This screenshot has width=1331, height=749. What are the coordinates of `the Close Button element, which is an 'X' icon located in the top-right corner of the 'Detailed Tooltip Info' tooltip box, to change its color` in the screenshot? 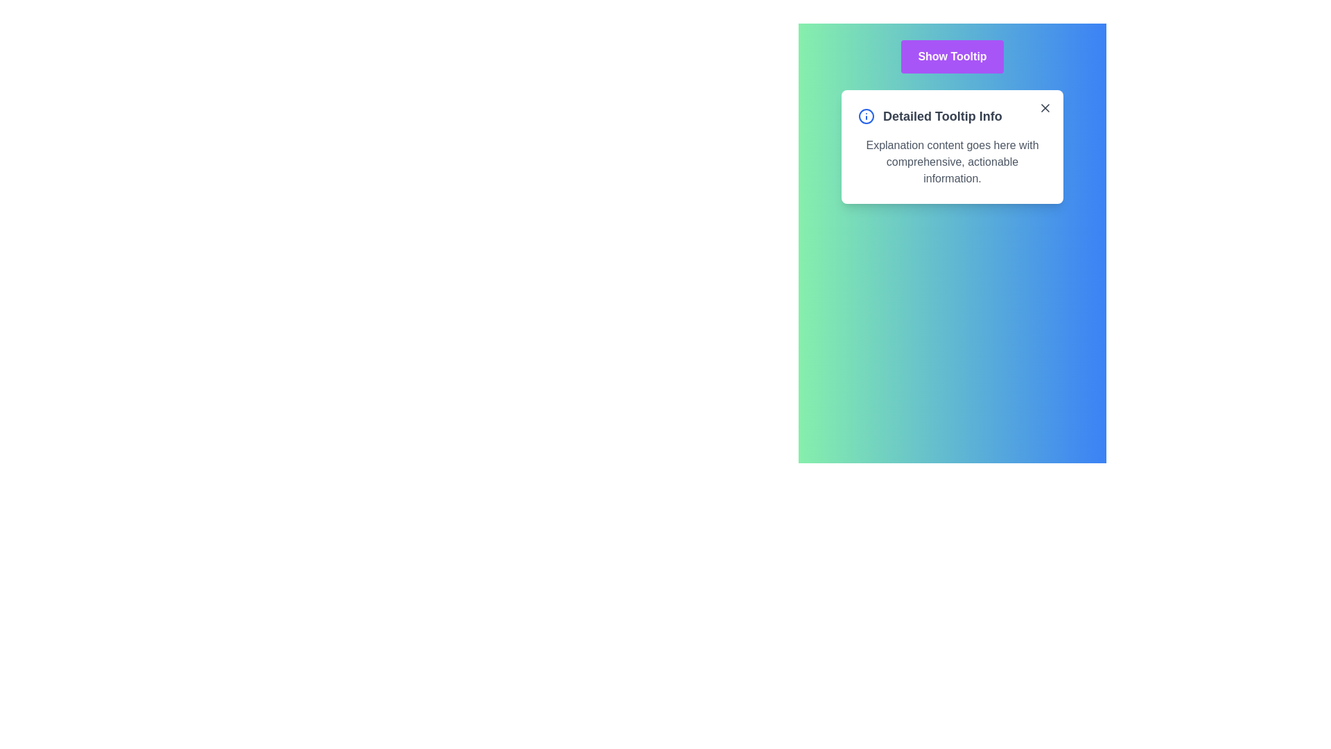 It's located at (1045, 107).